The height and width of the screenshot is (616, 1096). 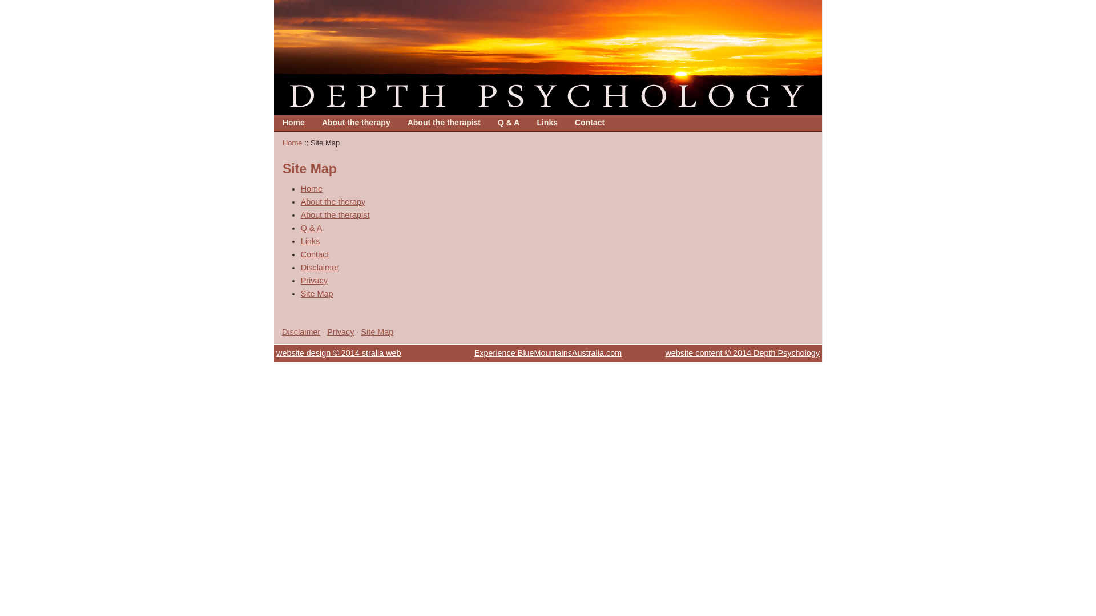 I want to click on 'Contact', so click(x=589, y=123).